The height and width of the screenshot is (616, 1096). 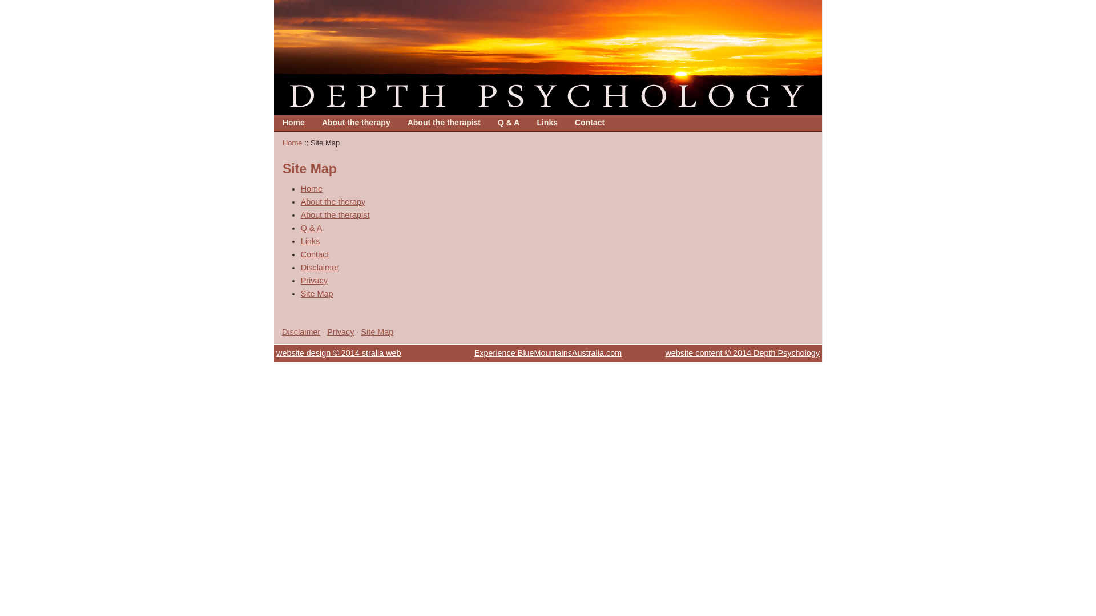 I want to click on 'Contact', so click(x=589, y=123).